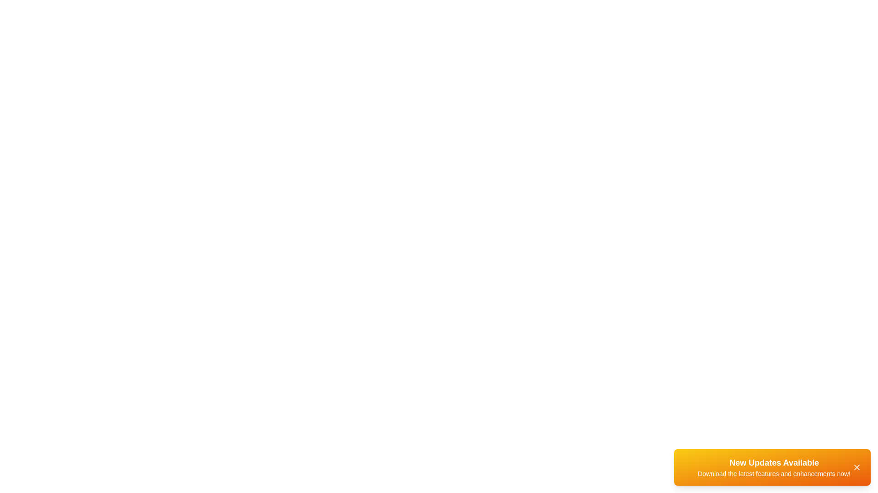 The height and width of the screenshot is (493, 878). What do you see at coordinates (856, 467) in the screenshot?
I see `the close button to dismiss the snackbar` at bounding box center [856, 467].